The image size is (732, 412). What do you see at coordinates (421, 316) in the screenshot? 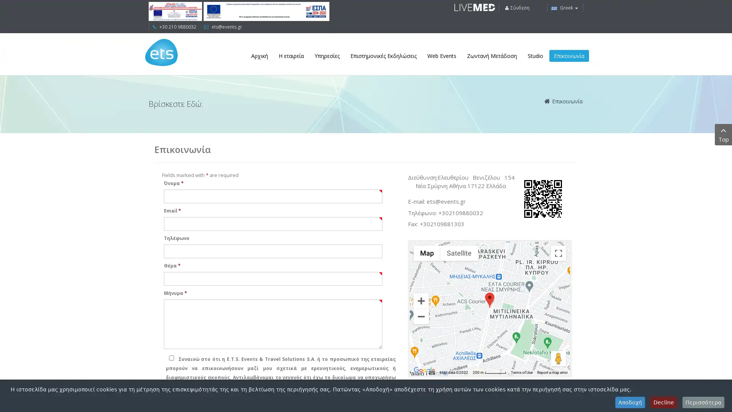
I see `Zoom out` at bounding box center [421, 316].